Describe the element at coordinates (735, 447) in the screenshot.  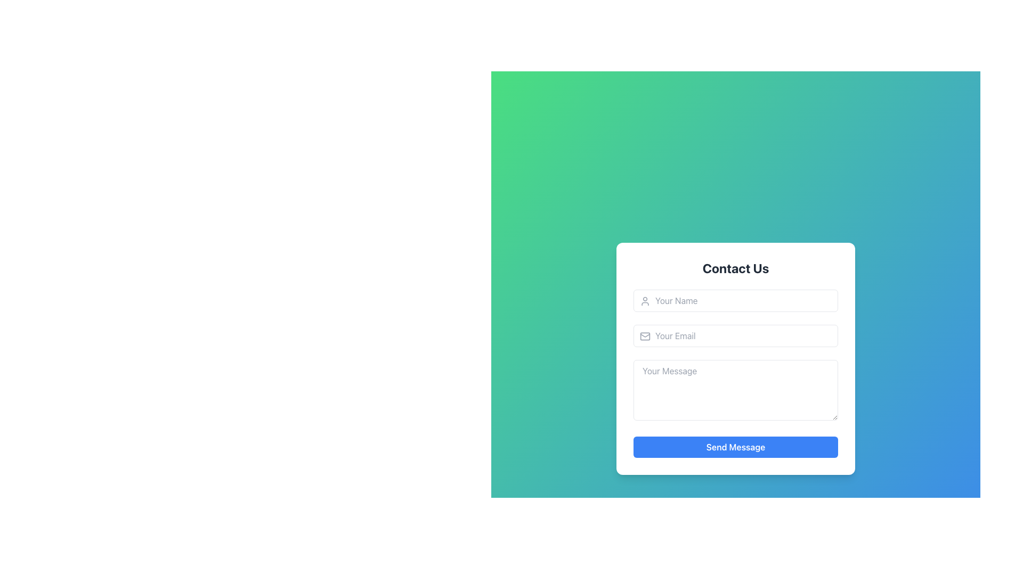
I see `the 'Submit' button at the bottom of the 'Contact Us' form` at that location.